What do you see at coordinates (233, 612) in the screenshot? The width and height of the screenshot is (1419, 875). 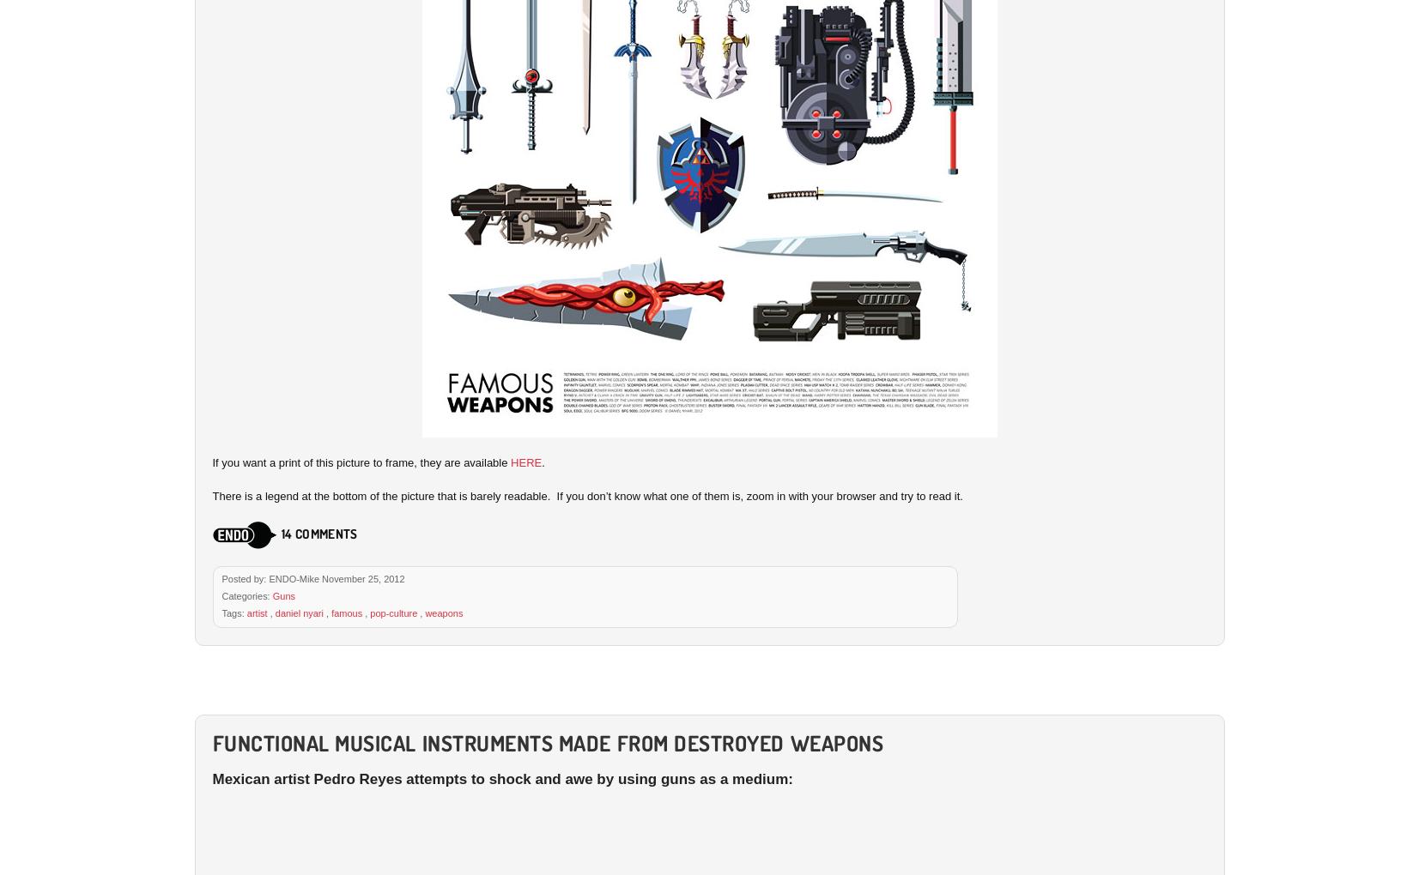 I see `'Tags:'` at bounding box center [233, 612].